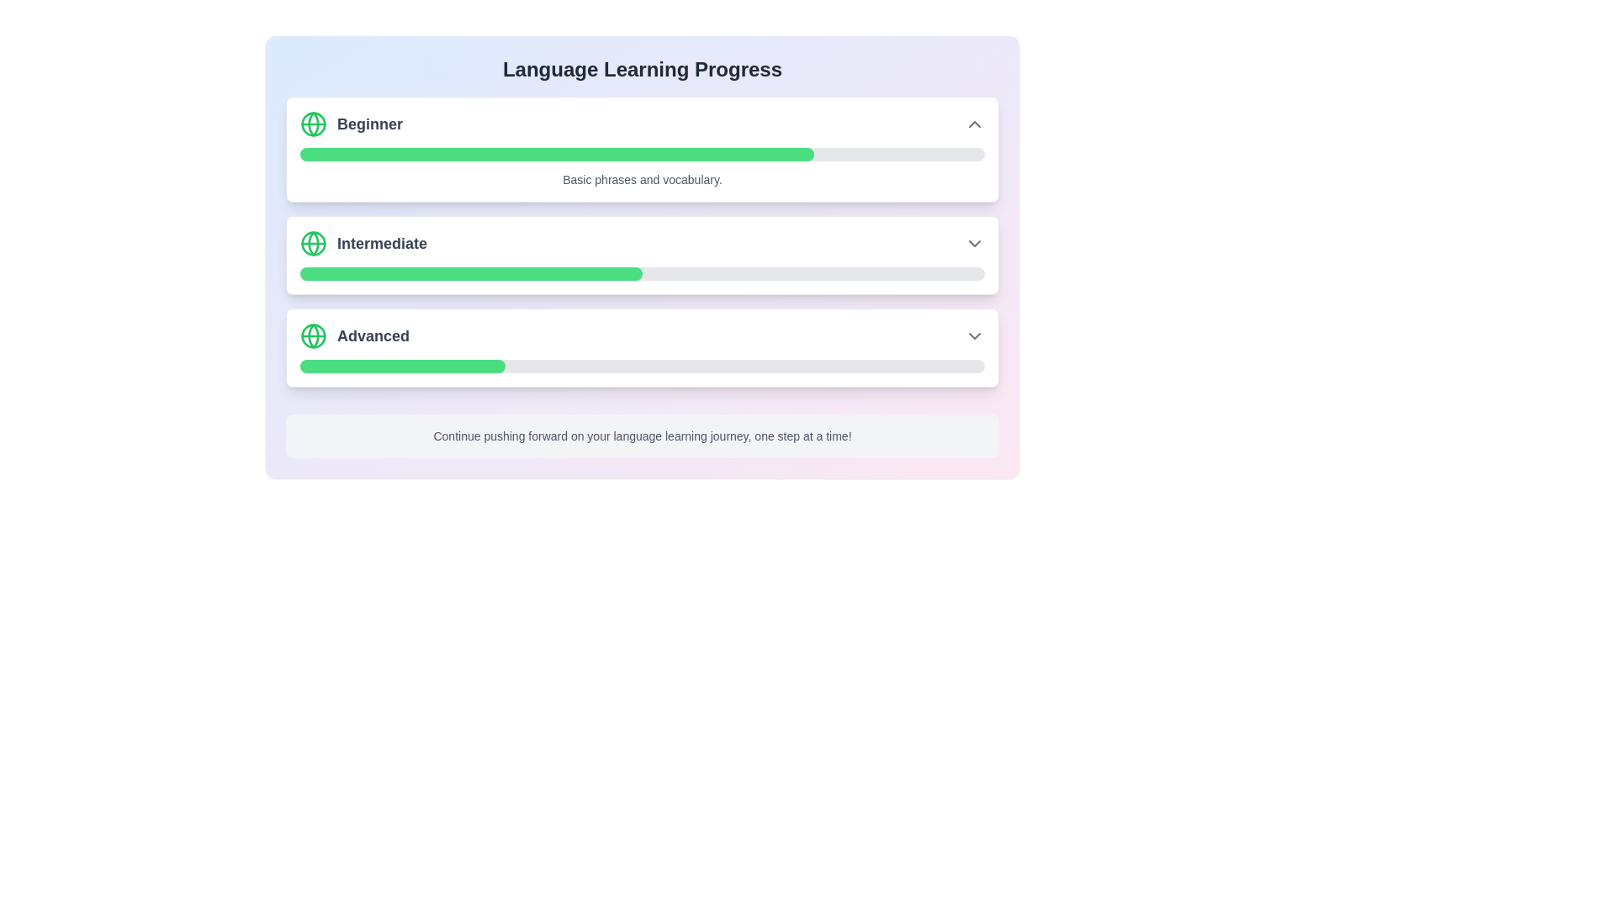 The height and width of the screenshot is (908, 1615). Describe the element at coordinates (402, 365) in the screenshot. I see `the progress visually on the Progress Bar indicating 30% completion for the 'Advanced' level` at that location.